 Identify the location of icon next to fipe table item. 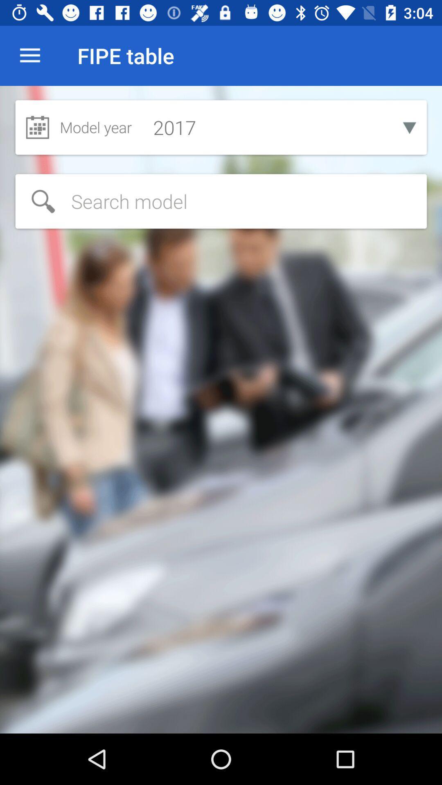
(29, 55).